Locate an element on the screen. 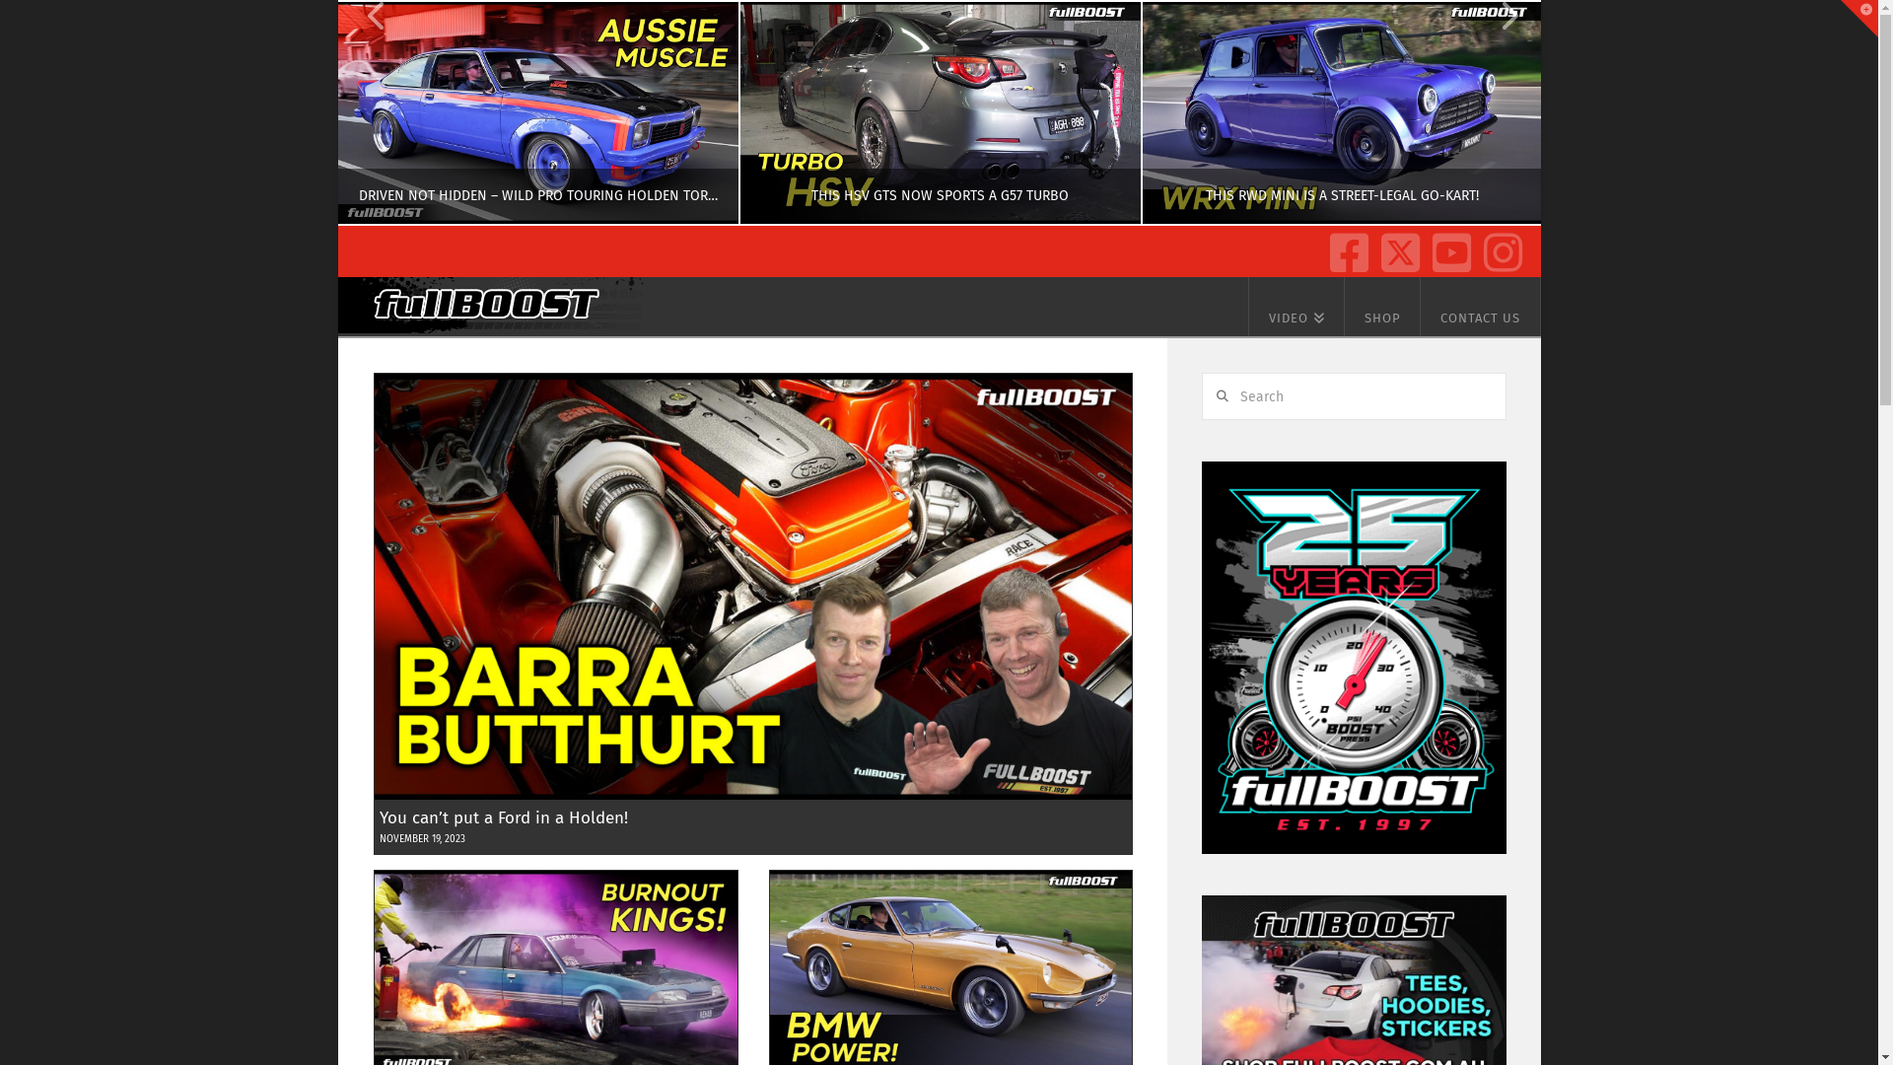 This screenshot has height=1065, width=1893. 'Next' is located at coordinates (1499, 112).